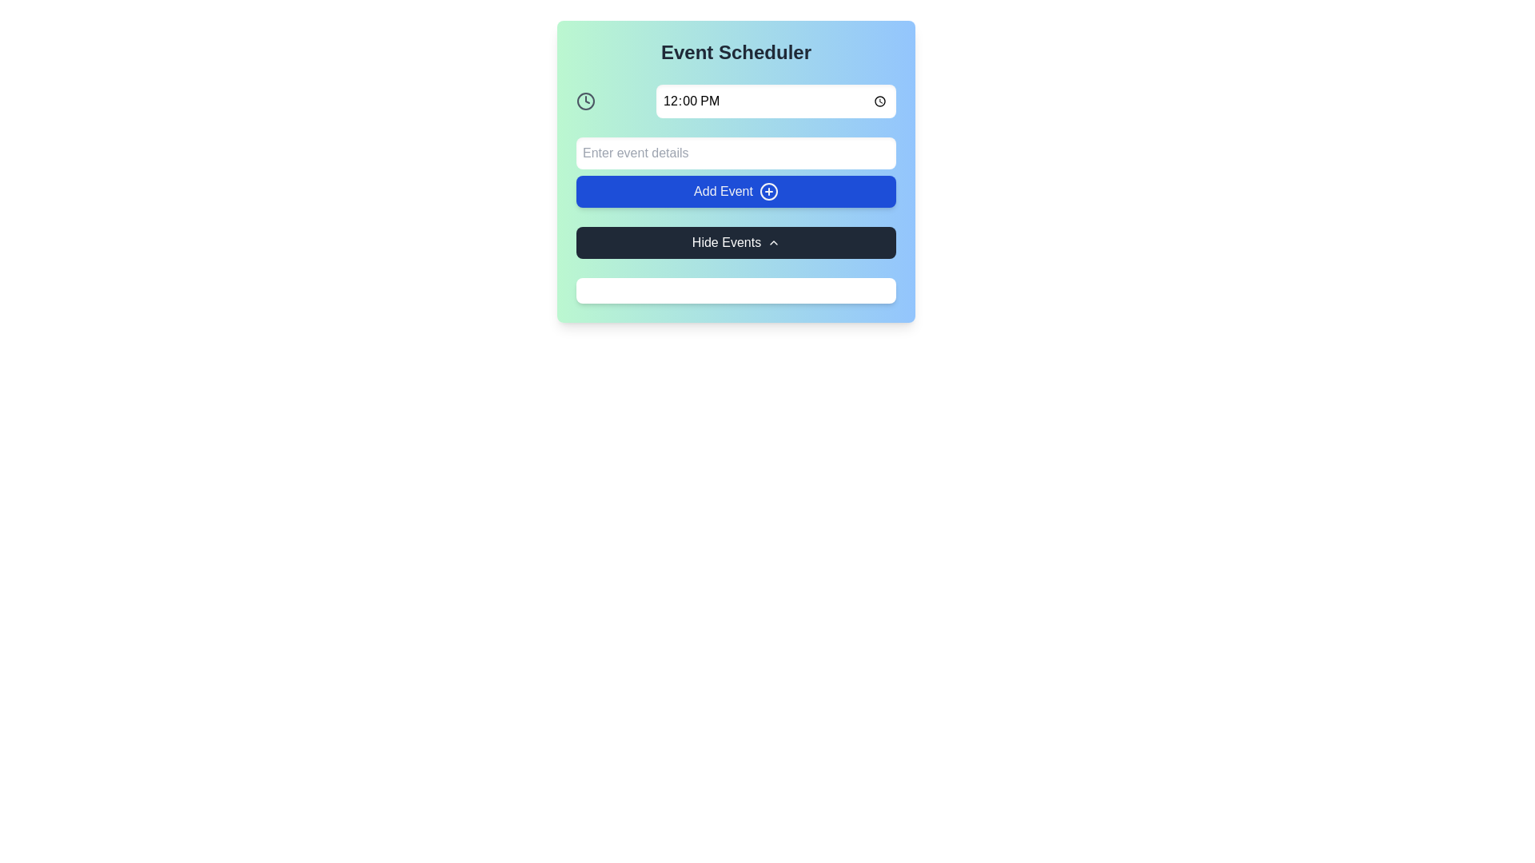  Describe the element at coordinates (736, 190) in the screenshot. I see `the button that facilitates the addition of a new event for accessibility navigation` at that location.